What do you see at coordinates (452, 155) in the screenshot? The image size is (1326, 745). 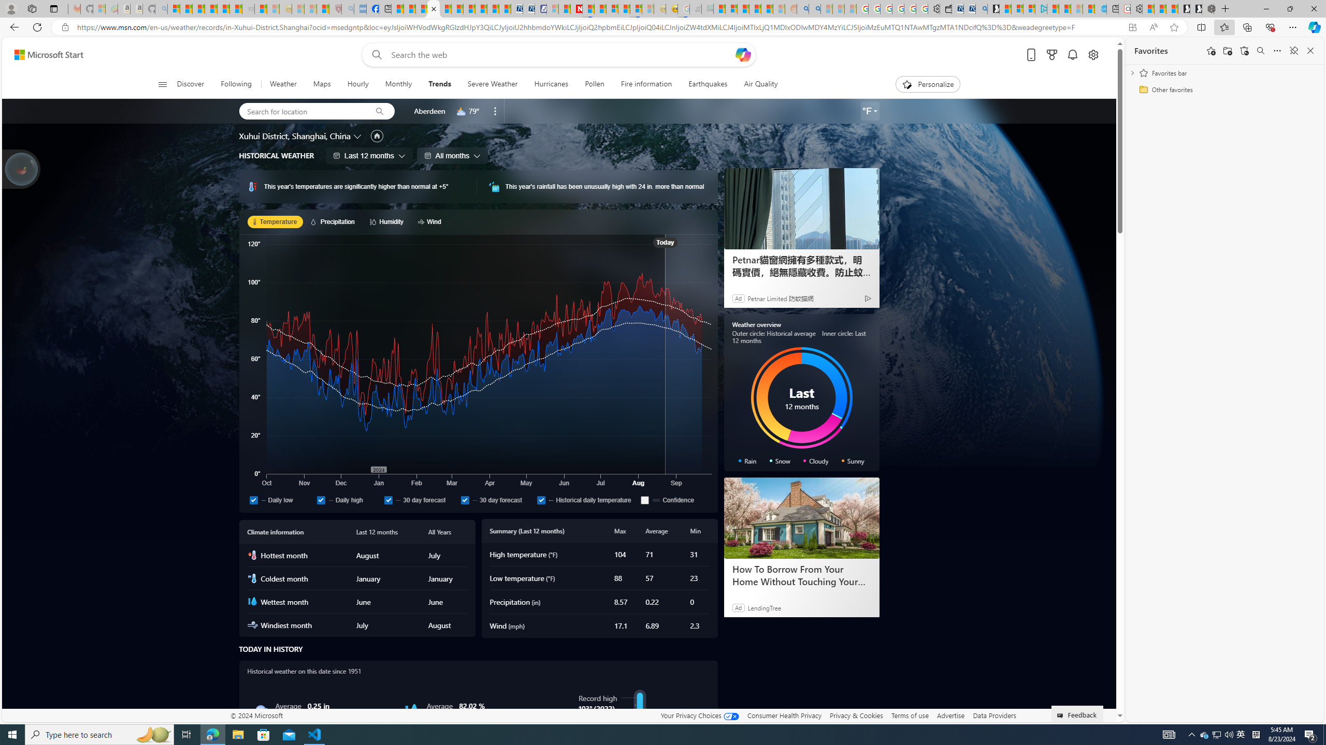 I see `'All months'` at bounding box center [452, 155].